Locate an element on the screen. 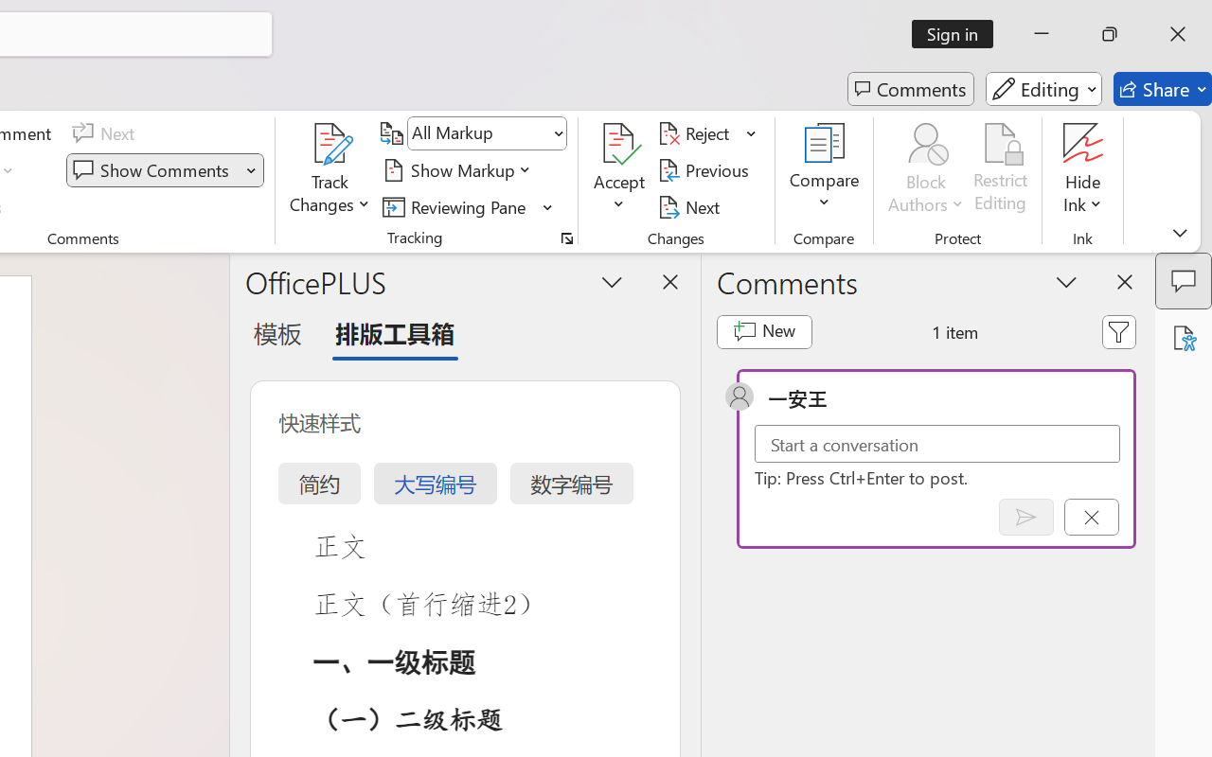 Image resolution: width=1212 pixels, height=757 pixels. 'Previous' is located at coordinates (705, 169).